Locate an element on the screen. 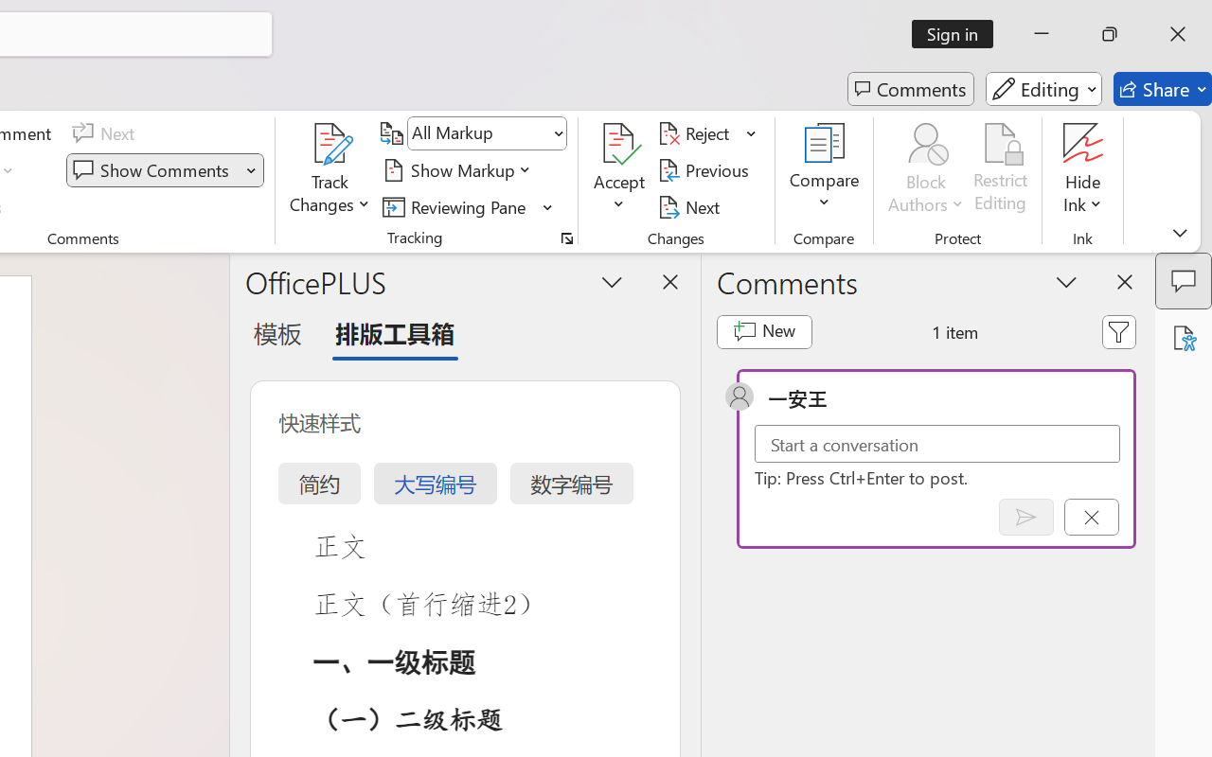 Image resolution: width=1212 pixels, height=757 pixels. 'Previous' is located at coordinates (705, 169).